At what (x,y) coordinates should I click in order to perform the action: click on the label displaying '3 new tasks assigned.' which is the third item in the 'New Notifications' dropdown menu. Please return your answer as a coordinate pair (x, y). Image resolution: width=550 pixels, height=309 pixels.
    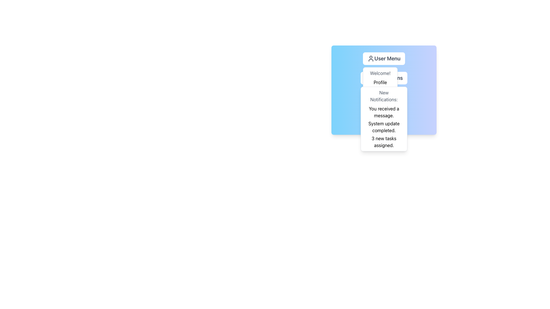
    Looking at the image, I should click on (384, 142).